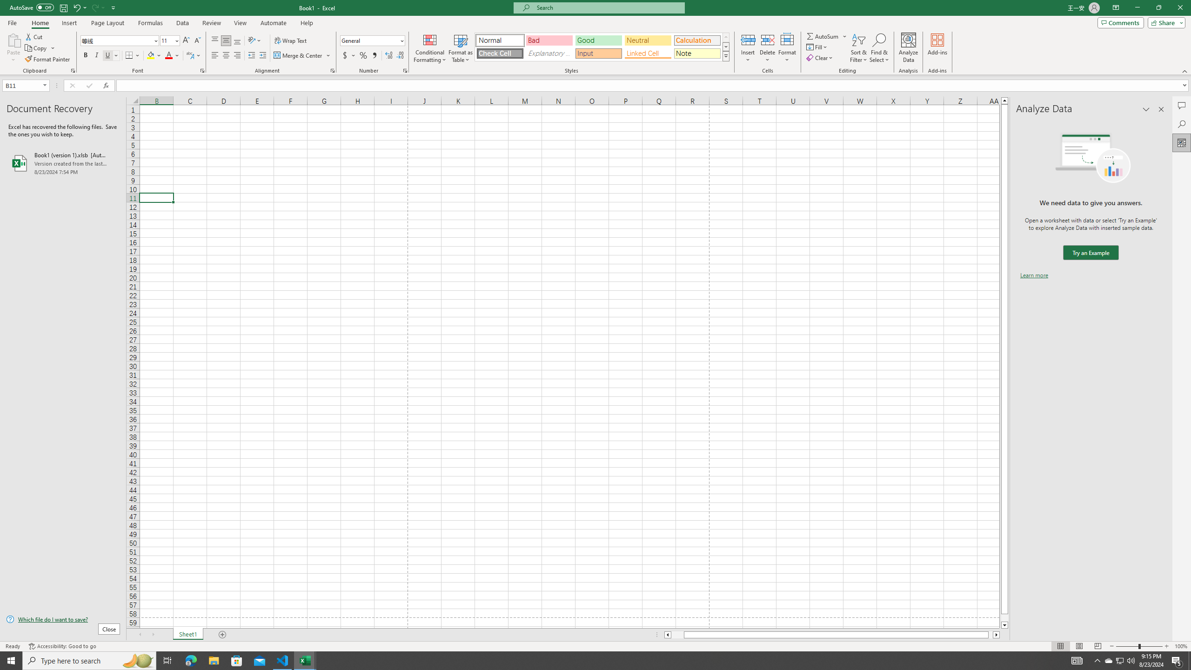 The width and height of the screenshot is (1191, 670). What do you see at coordinates (767, 39) in the screenshot?
I see `'Delete Cells...'` at bounding box center [767, 39].